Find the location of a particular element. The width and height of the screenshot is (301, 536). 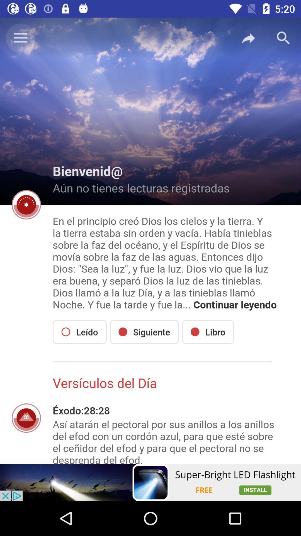

the item to the left of siguiente is located at coordinates (80, 332).